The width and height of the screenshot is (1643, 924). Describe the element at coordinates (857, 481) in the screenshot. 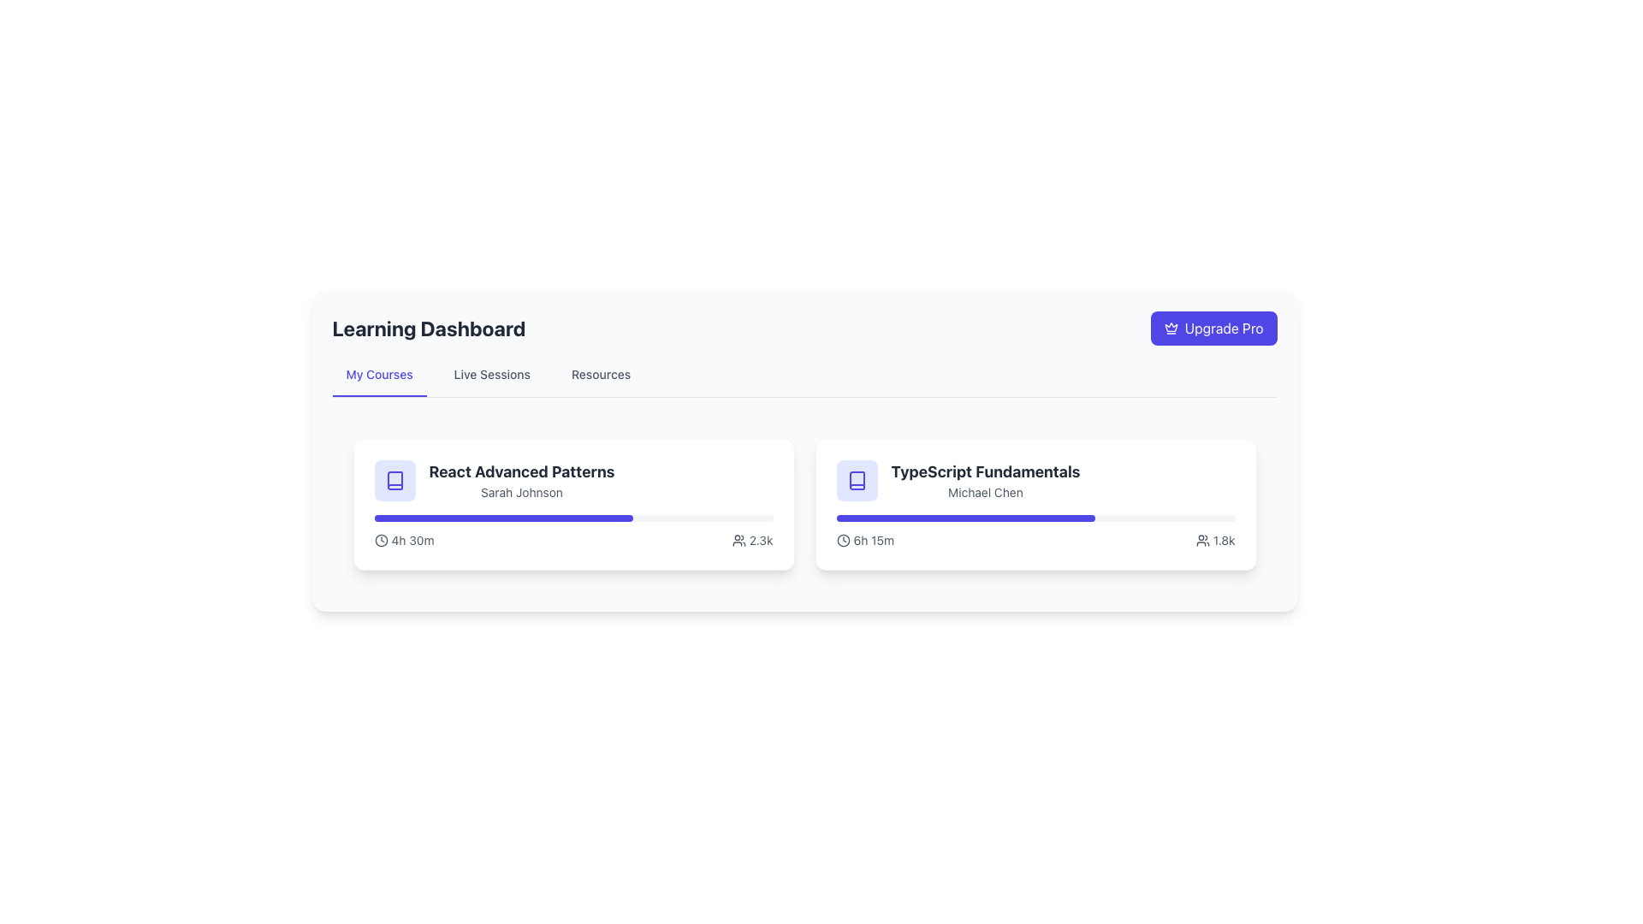

I see `the course type icon located at the top-left corner of the second card in the horizontal list of course information on the dashboard, directly above the course title 'TypeScript Fundamentals'` at that location.